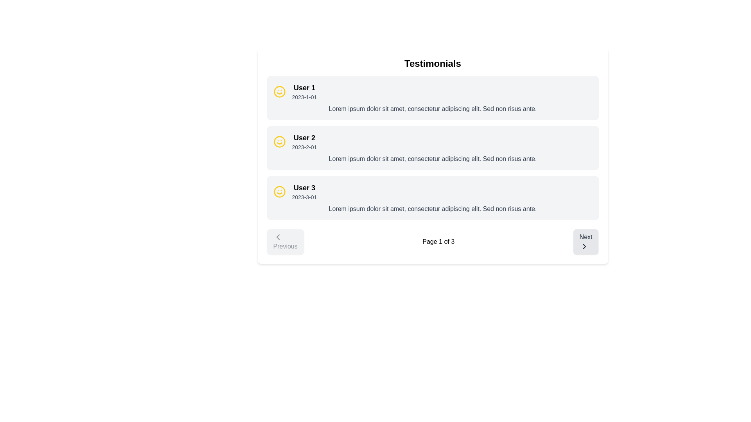 The height and width of the screenshot is (422, 751). Describe the element at coordinates (586, 241) in the screenshot. I see `the 'Next' button located at the bottom-right corner of the paginated interface to prepare for action` at that location.